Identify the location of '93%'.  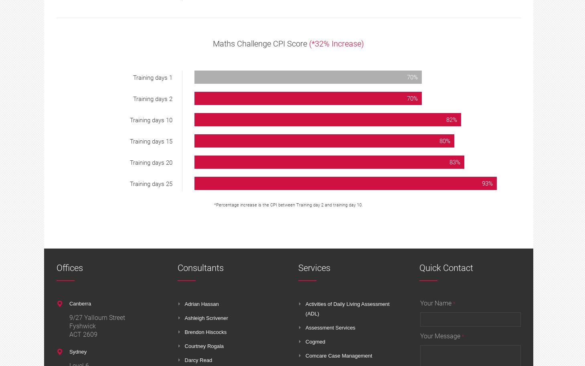
(486, 183).